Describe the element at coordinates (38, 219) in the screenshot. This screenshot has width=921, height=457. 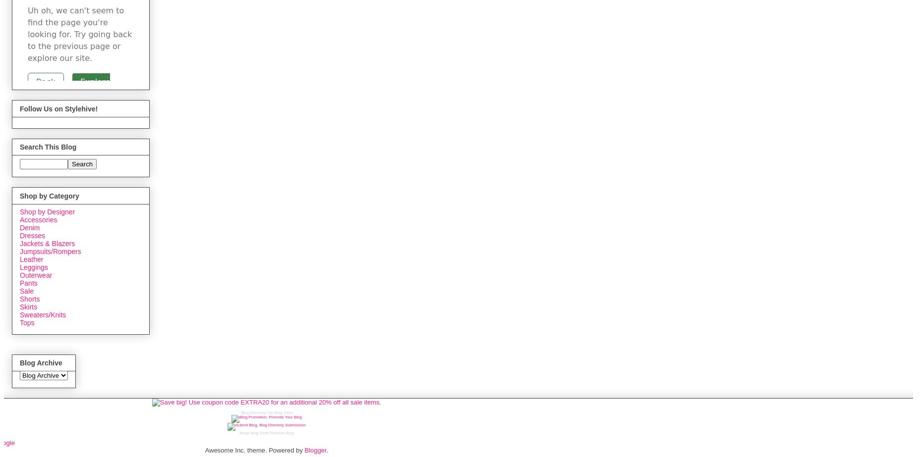
I see `'Accessories'` at that location.